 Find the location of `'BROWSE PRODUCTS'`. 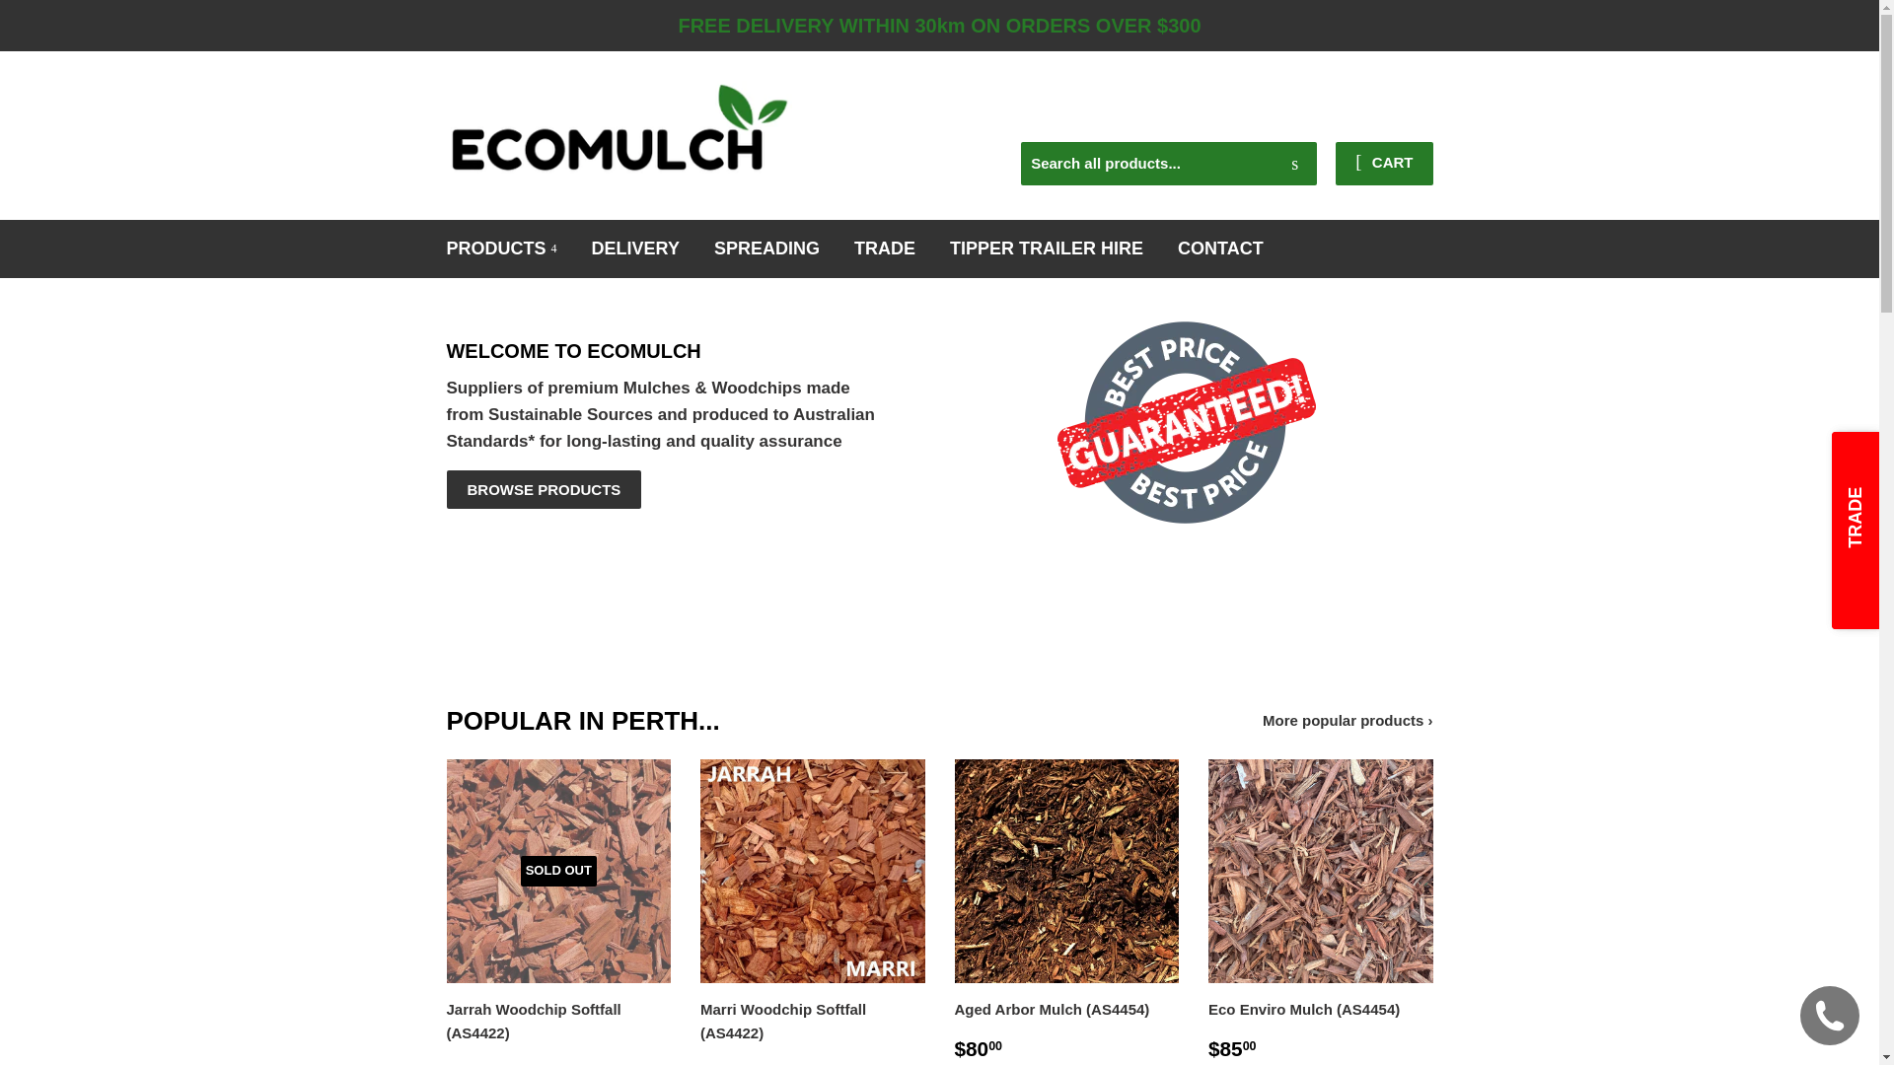

'BROWSE PRODUCTS' is located at coordinates (544, 488).